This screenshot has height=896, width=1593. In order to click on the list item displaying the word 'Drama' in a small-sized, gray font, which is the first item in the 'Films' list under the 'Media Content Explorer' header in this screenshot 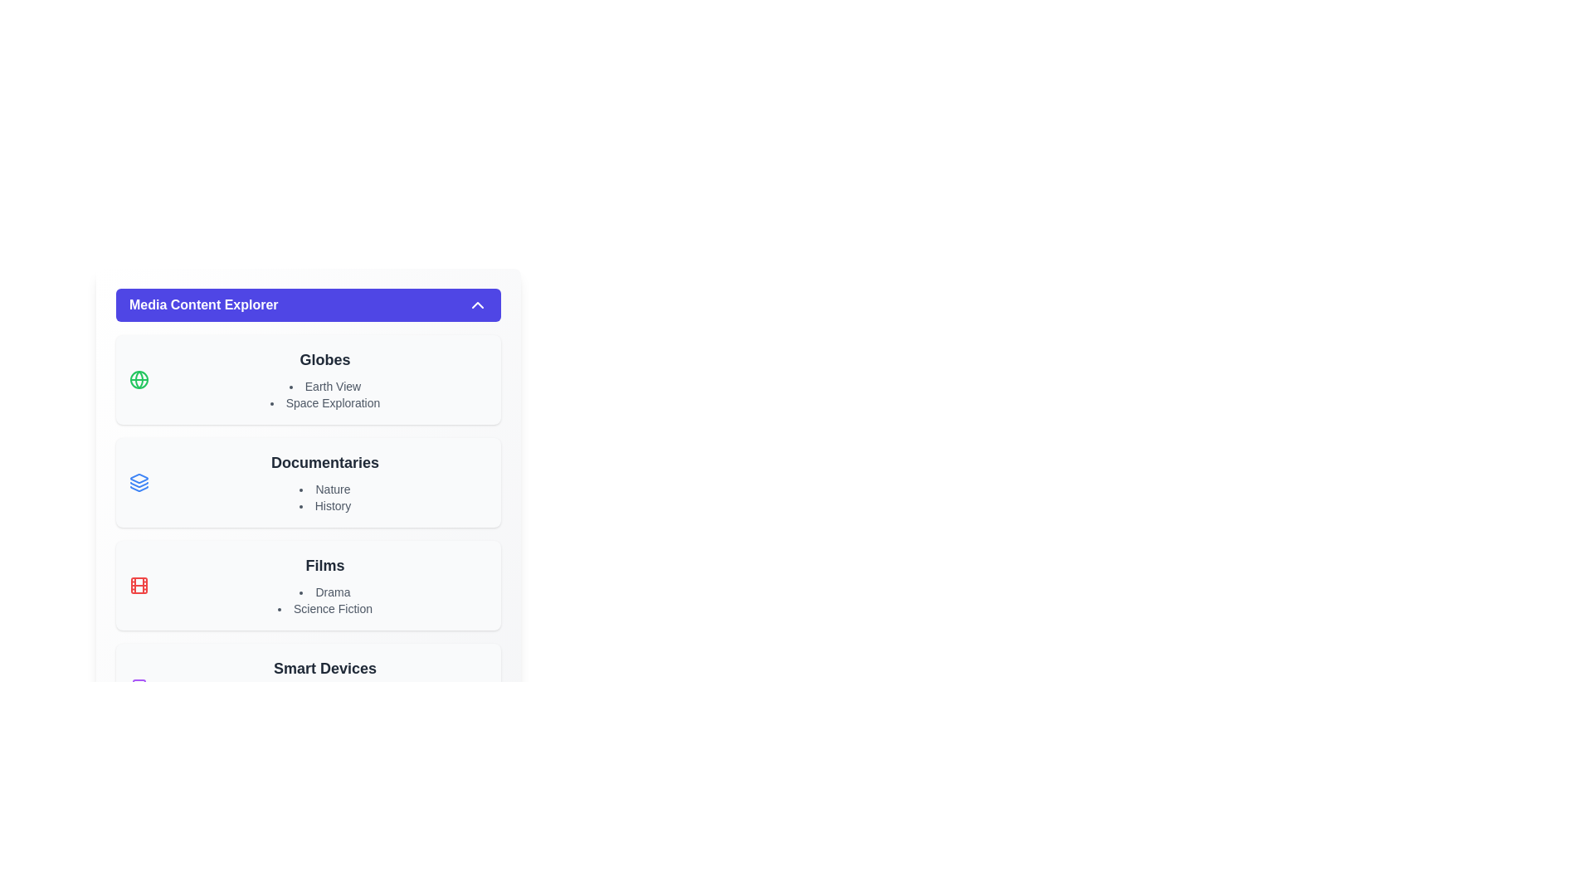, I will do `click(325, 591)`.